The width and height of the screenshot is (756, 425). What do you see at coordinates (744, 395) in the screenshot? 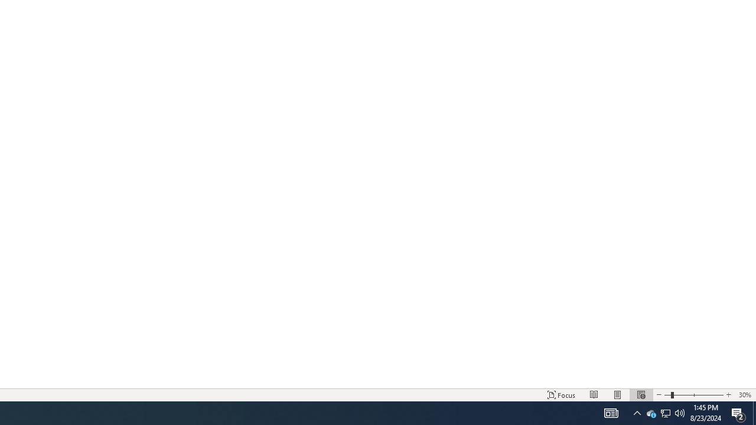
I see `'Zoom 30%'` at bounding box center [744, 395].